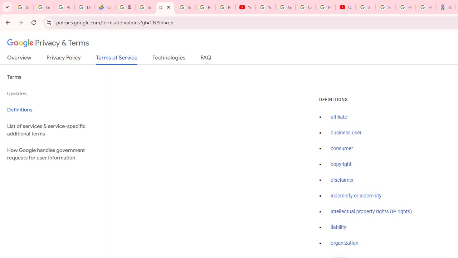 The width and height of the screenshot is (458, 258). I want to click on 'YouTube', so click(265, 7).